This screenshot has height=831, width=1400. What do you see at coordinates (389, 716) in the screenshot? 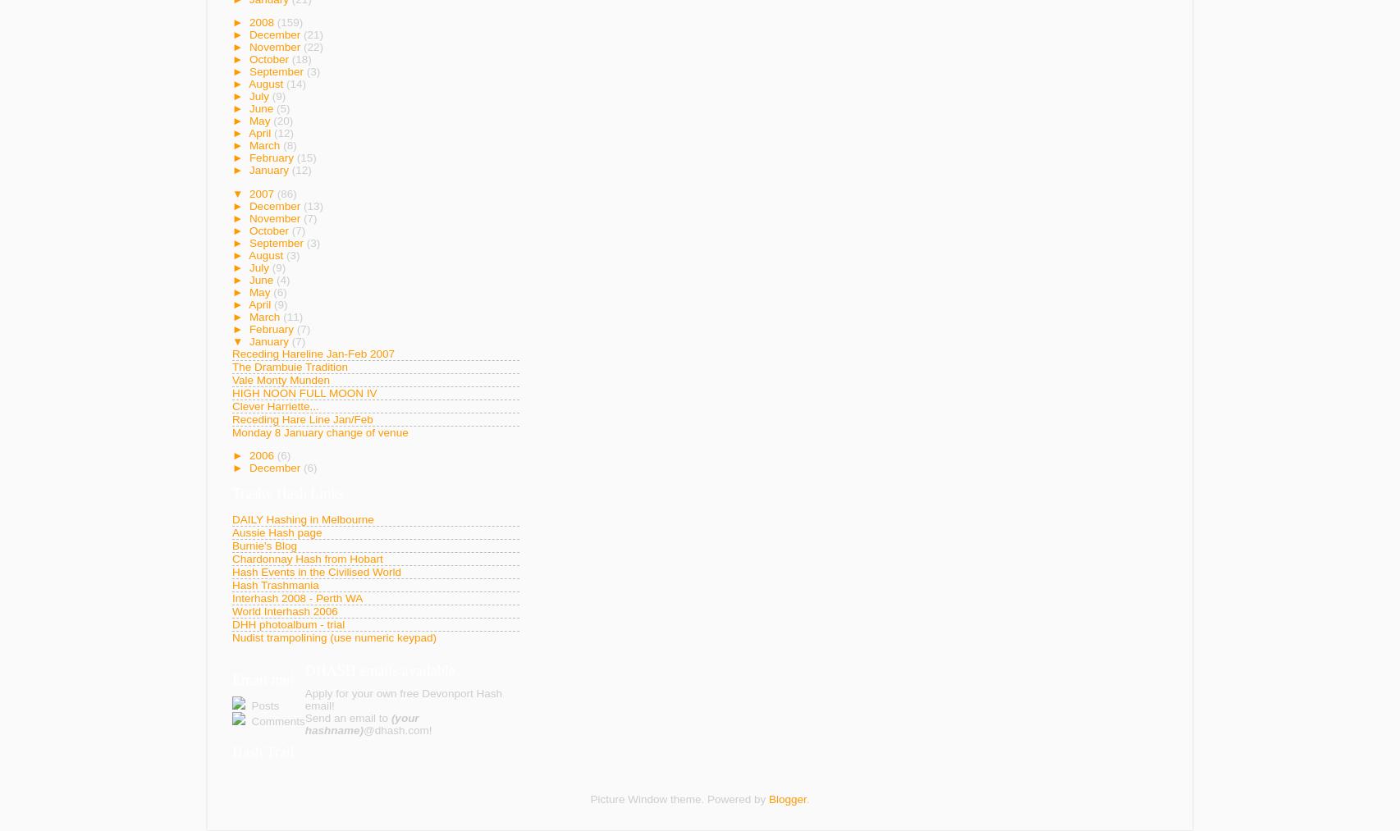
I see `'(your'` at bounding box center [389, 716].